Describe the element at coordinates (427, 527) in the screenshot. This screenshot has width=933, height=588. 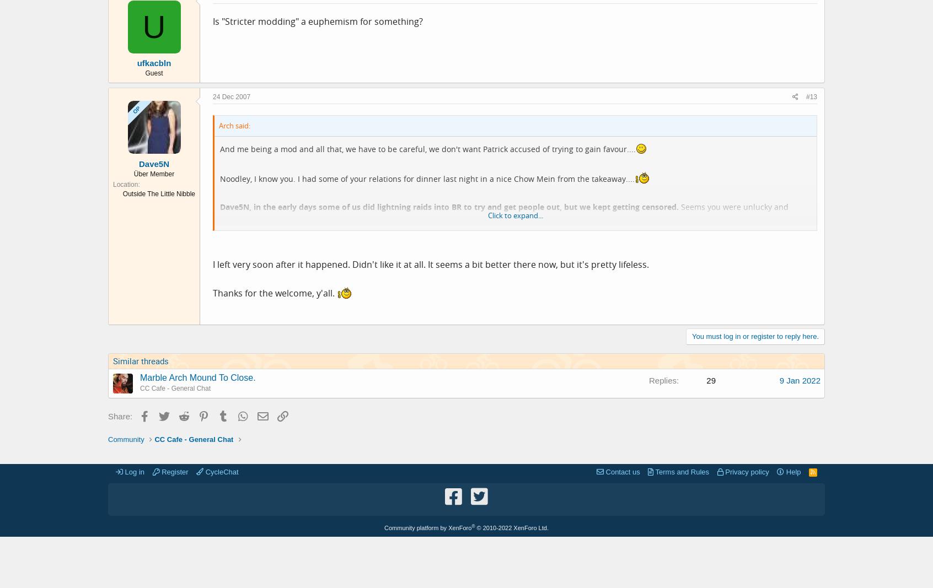
I see `'Community platform by XenForo'` at that location.